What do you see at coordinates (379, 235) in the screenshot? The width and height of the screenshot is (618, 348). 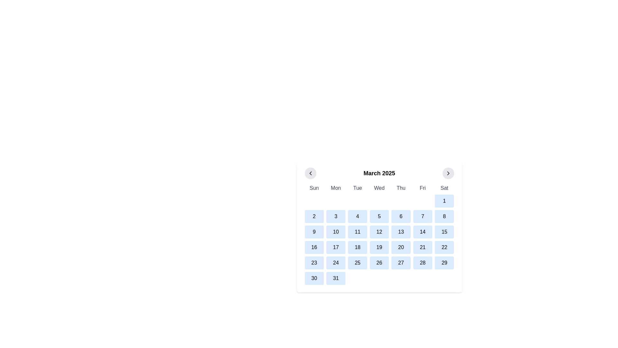 I see `the grid of buttons representing dates in the calendar` at bounding box center [379, 235].